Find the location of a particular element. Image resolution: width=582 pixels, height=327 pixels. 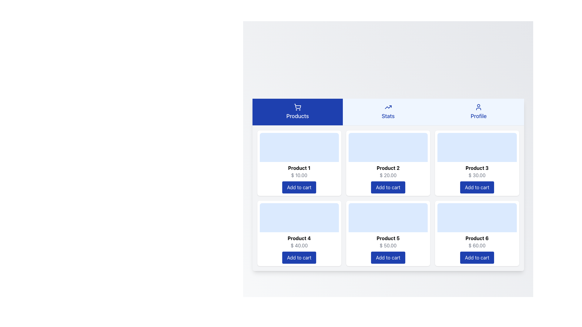

the 'Stats' tab, which is centrally located among three tabs, featuring blue text on a light blue background and an upward-trending arrow icon above the label is located at coordinates (388, 112).